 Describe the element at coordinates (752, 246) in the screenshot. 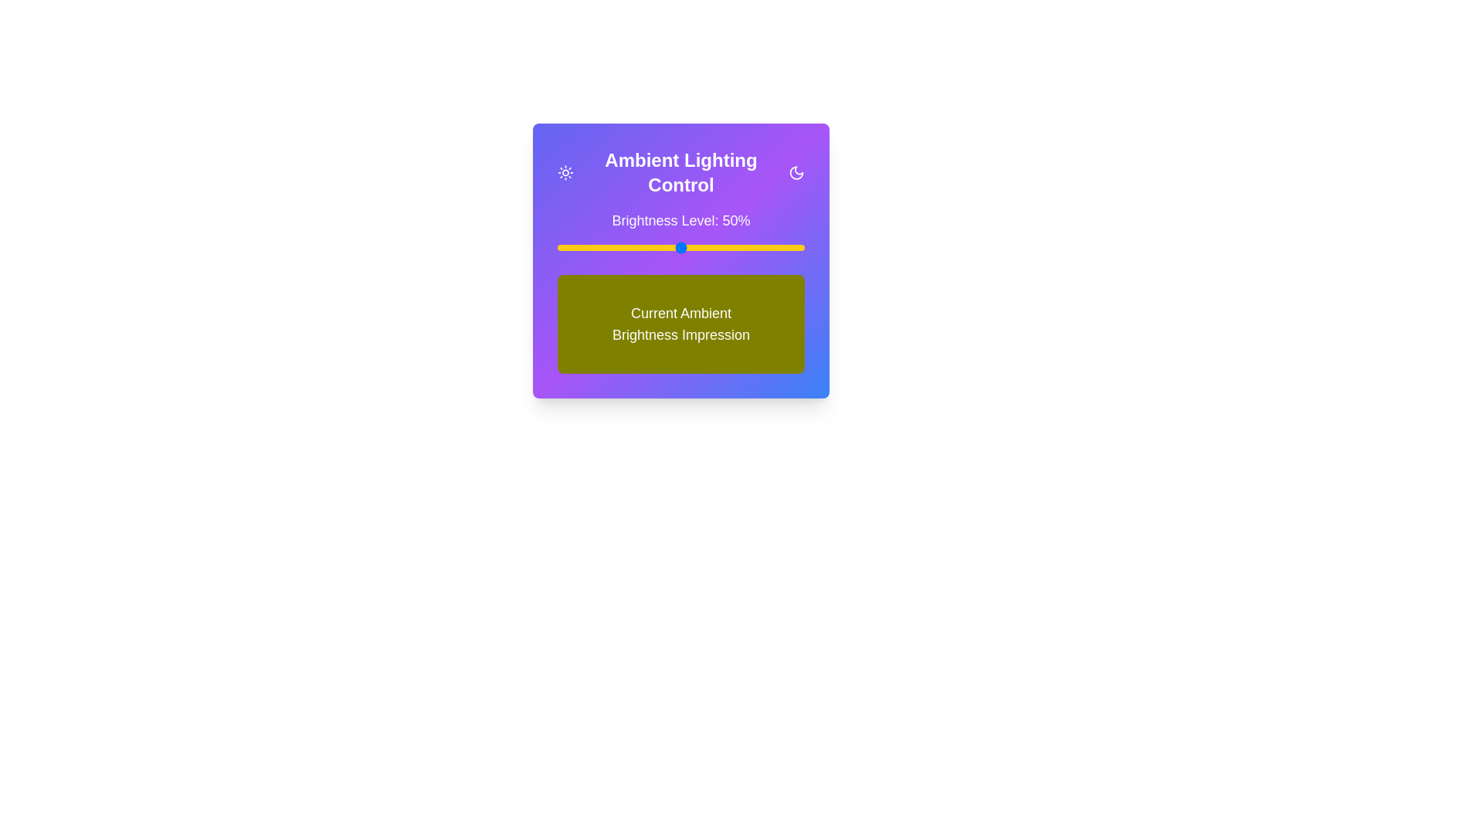

I see `the brightness level to 79% by moving the slider` at that location.